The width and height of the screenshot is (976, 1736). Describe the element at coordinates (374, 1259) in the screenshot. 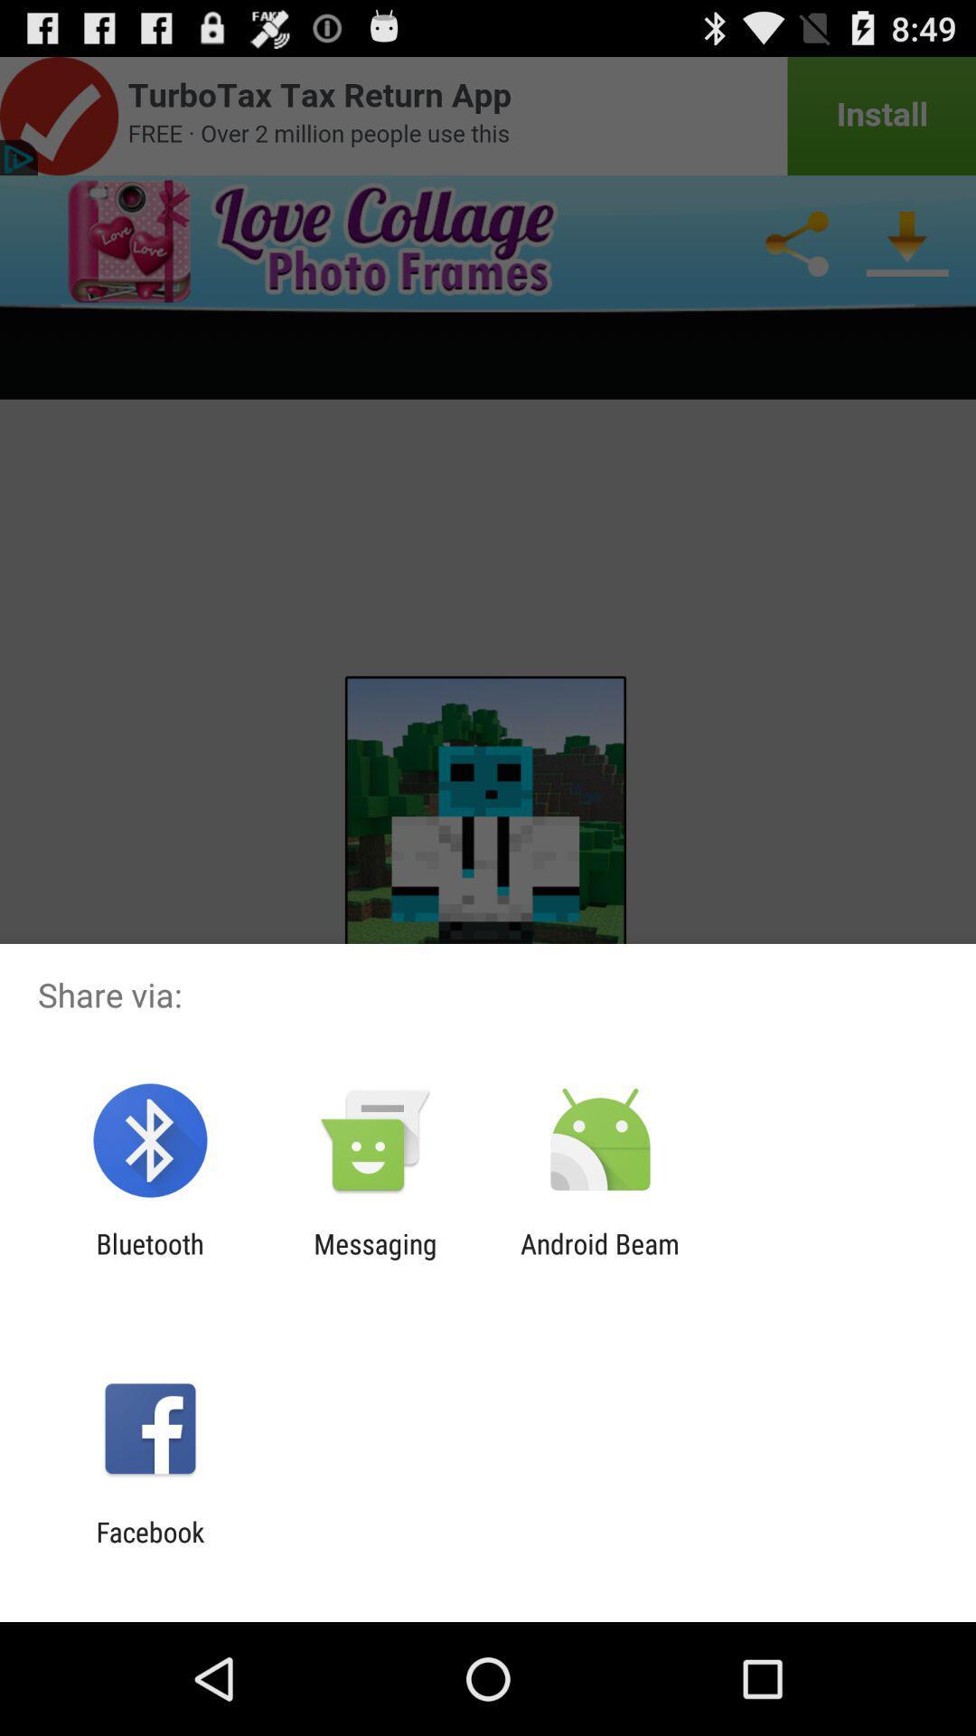

I see `app to the right of bluetooth item` at that location.